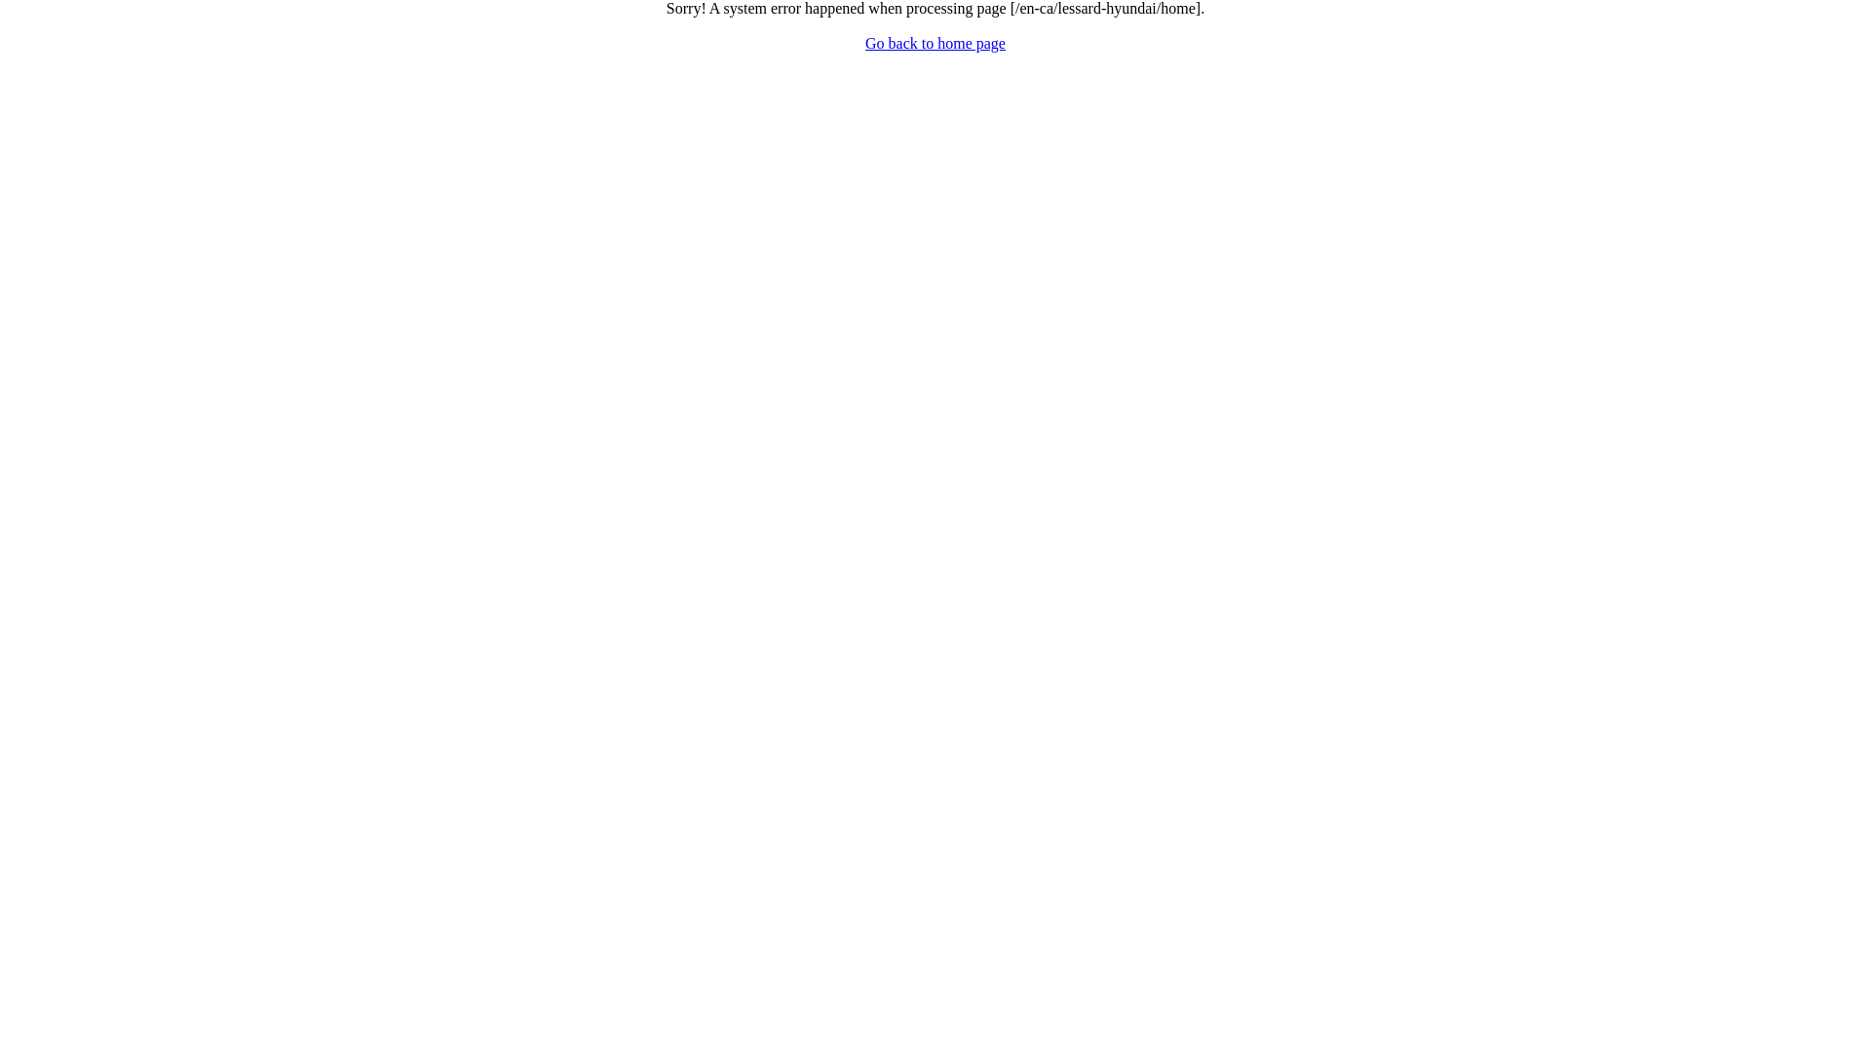 Image resolution: width=1871 pixels, height=1052 pixels. What do you see at coordinates (935, 43) in the screenshot?
I see `'Go back to home page'` at bounding box center [935, 43].